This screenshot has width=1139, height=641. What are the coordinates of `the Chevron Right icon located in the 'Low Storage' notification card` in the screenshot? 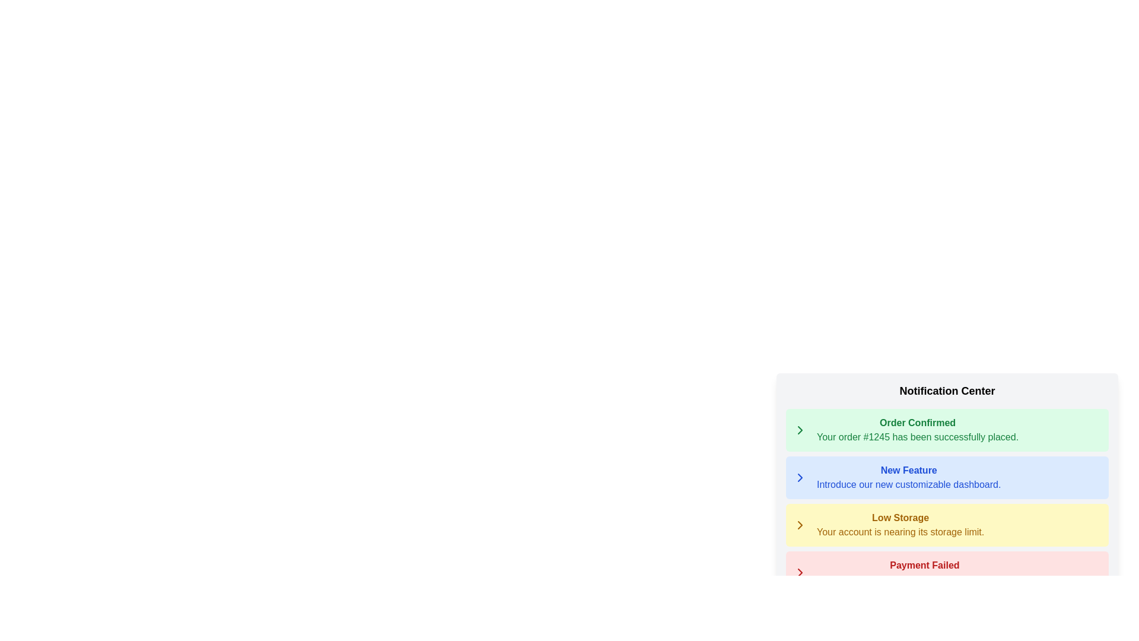 It's located at (800, 524).